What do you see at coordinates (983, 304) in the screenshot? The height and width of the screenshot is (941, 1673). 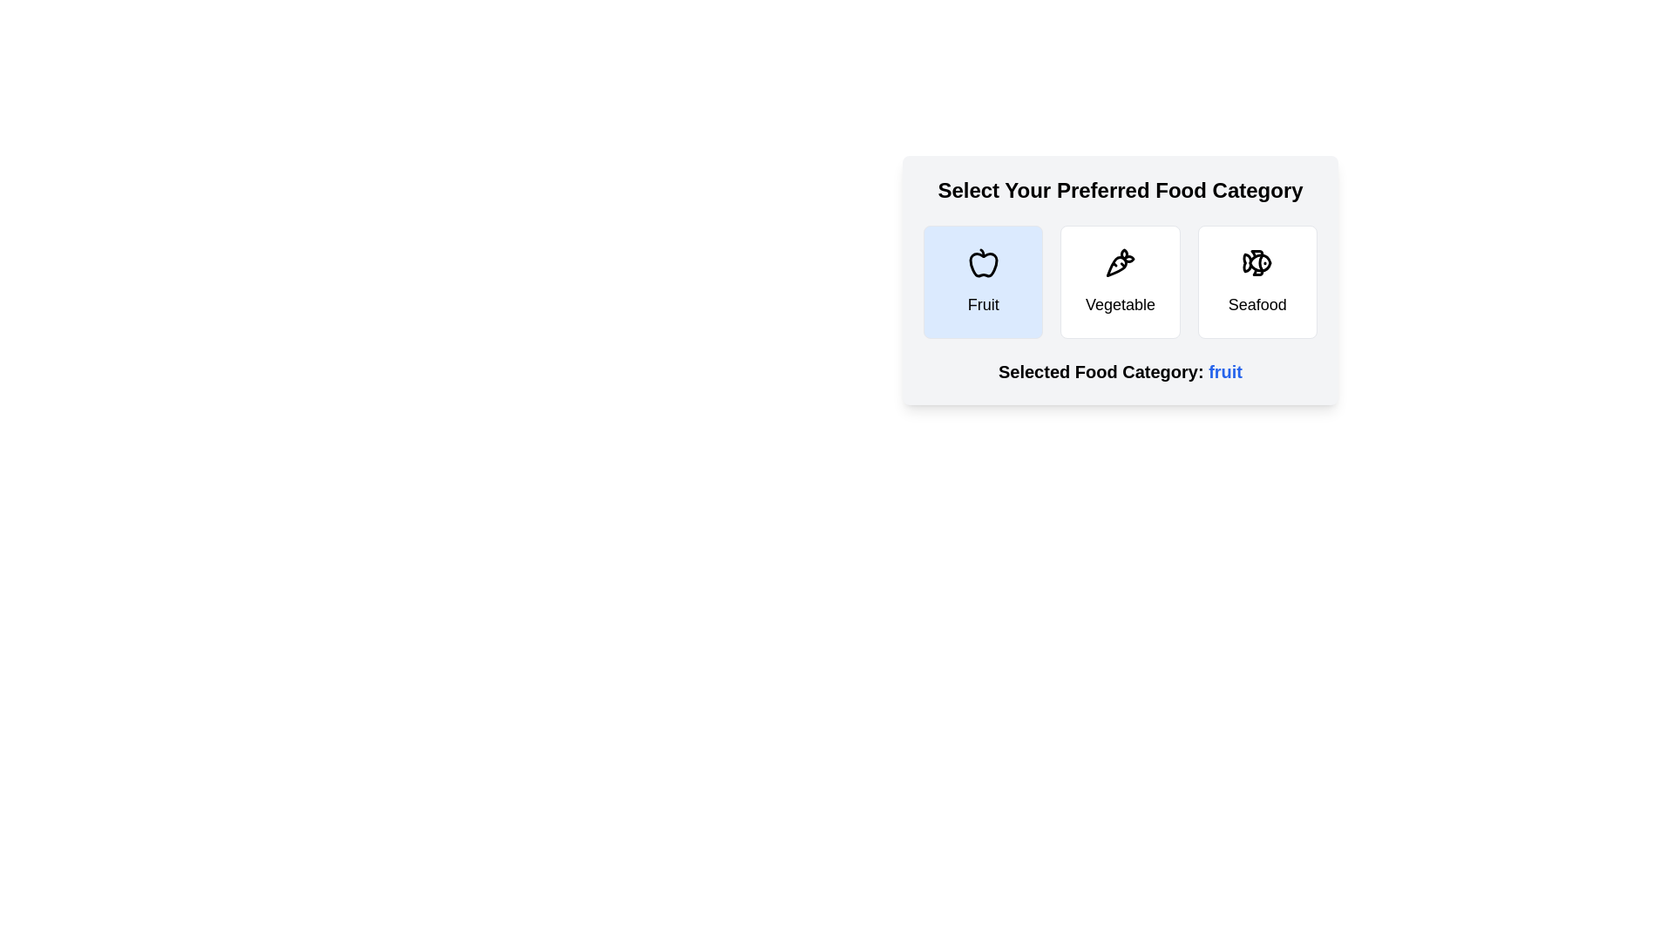 I see `the text label indicating the fruit category selection for the apple icon` at bounding box center [983, 304].